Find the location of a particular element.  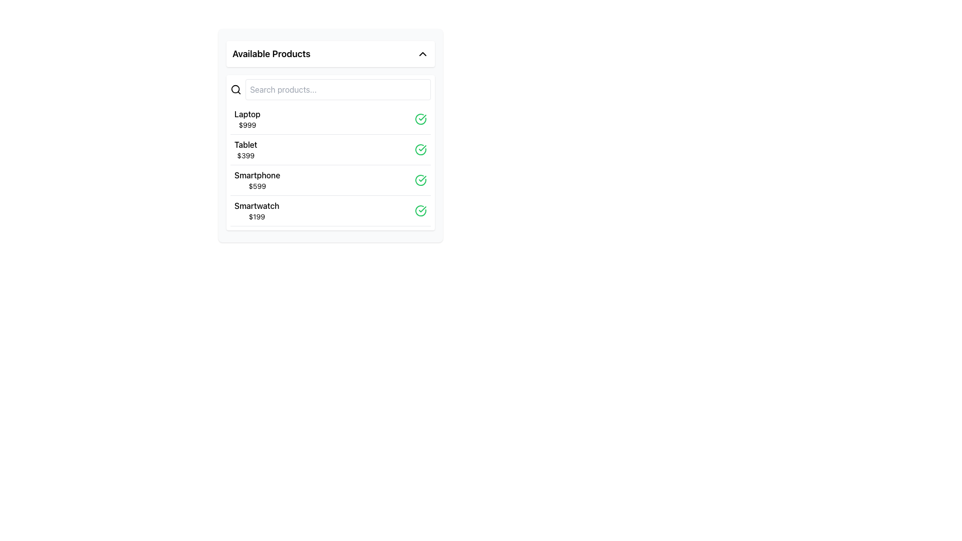

the circle-checkmark icon that indicates the availability of the Smartphone, located to the right of the label and price in the product list is located at coordinates (421, 179).